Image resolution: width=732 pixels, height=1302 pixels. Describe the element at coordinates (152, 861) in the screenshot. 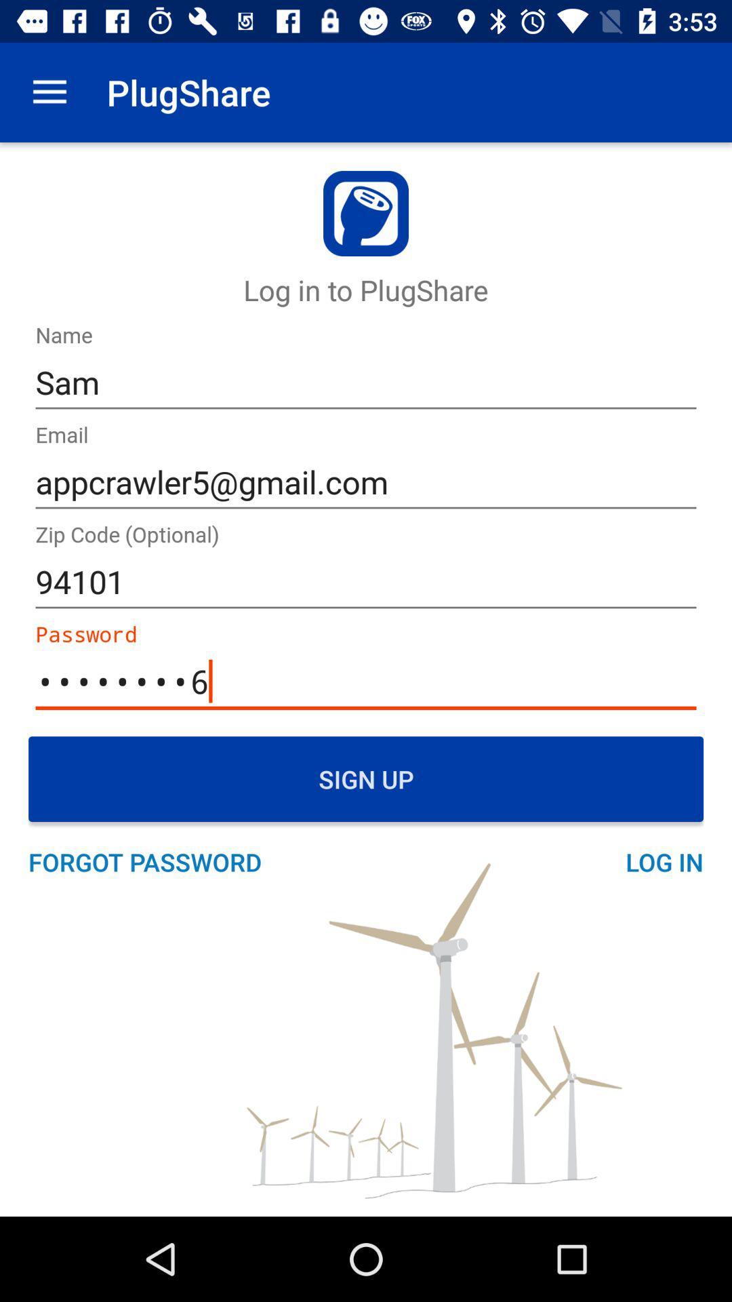

I see `icon to the left of the log in` at that location.